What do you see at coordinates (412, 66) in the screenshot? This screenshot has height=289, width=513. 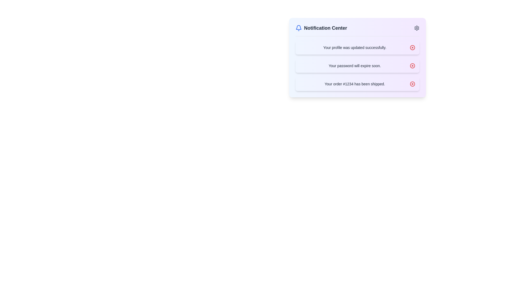 I see `the dismiss button (circular 'X' icon) for the notification message 'Your password will expire soon.'` at bounding box center [412, 66].